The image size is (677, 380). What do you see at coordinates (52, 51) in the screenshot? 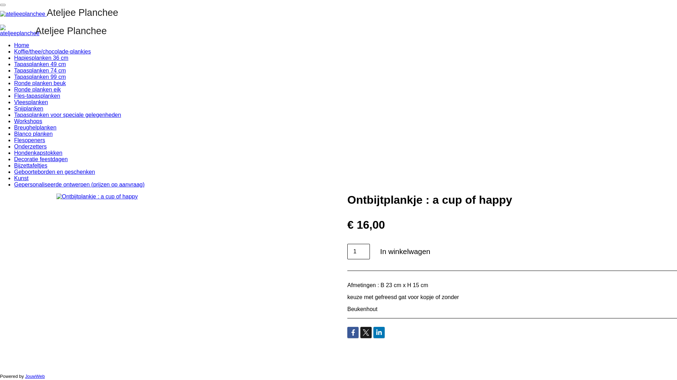
I see `'Koffie/thee/chocolade-plankjes'` at bounding box center [52, 51].